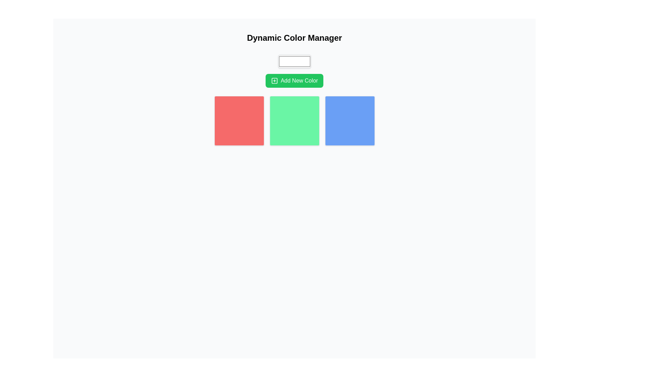 Image resolution: width=664 pixels, height=373 pixels. What do you see at coordinates (350, 121) in the screenshot?
I see `the third square-shaped button with a rounded border and blue background located in the rightmost position of a three-column grid layout` at bounding box center [350, 121].